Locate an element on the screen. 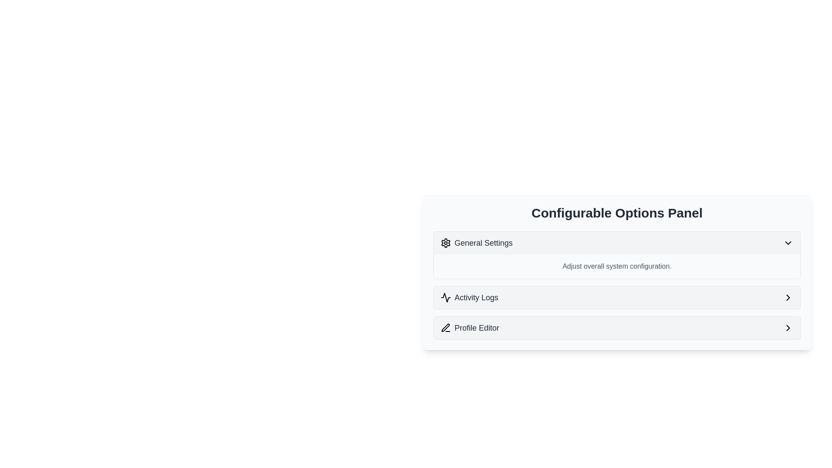  the text label in the 'Configurable Options Panel' that serves as a title or navigation link for accessing general settings options is located at coordinates (483, 243).